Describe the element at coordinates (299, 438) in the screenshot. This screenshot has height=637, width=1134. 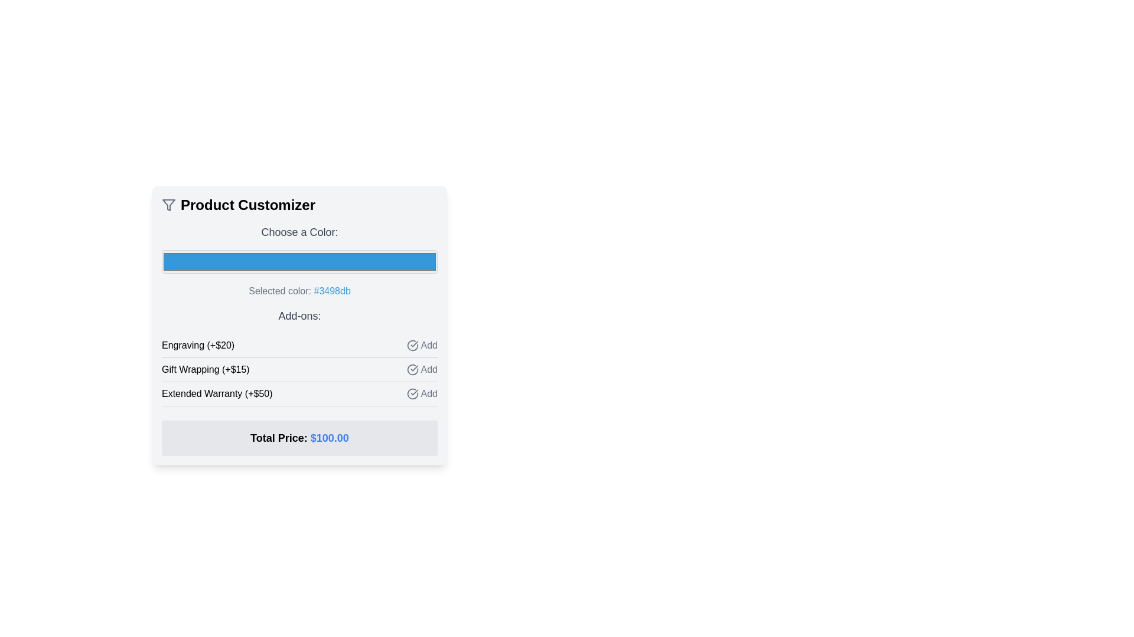
I see `the Text Label displaying the total calculated price of the selected items, located at the bottom of the product customization widget, which shows '$100.00'` at that location.